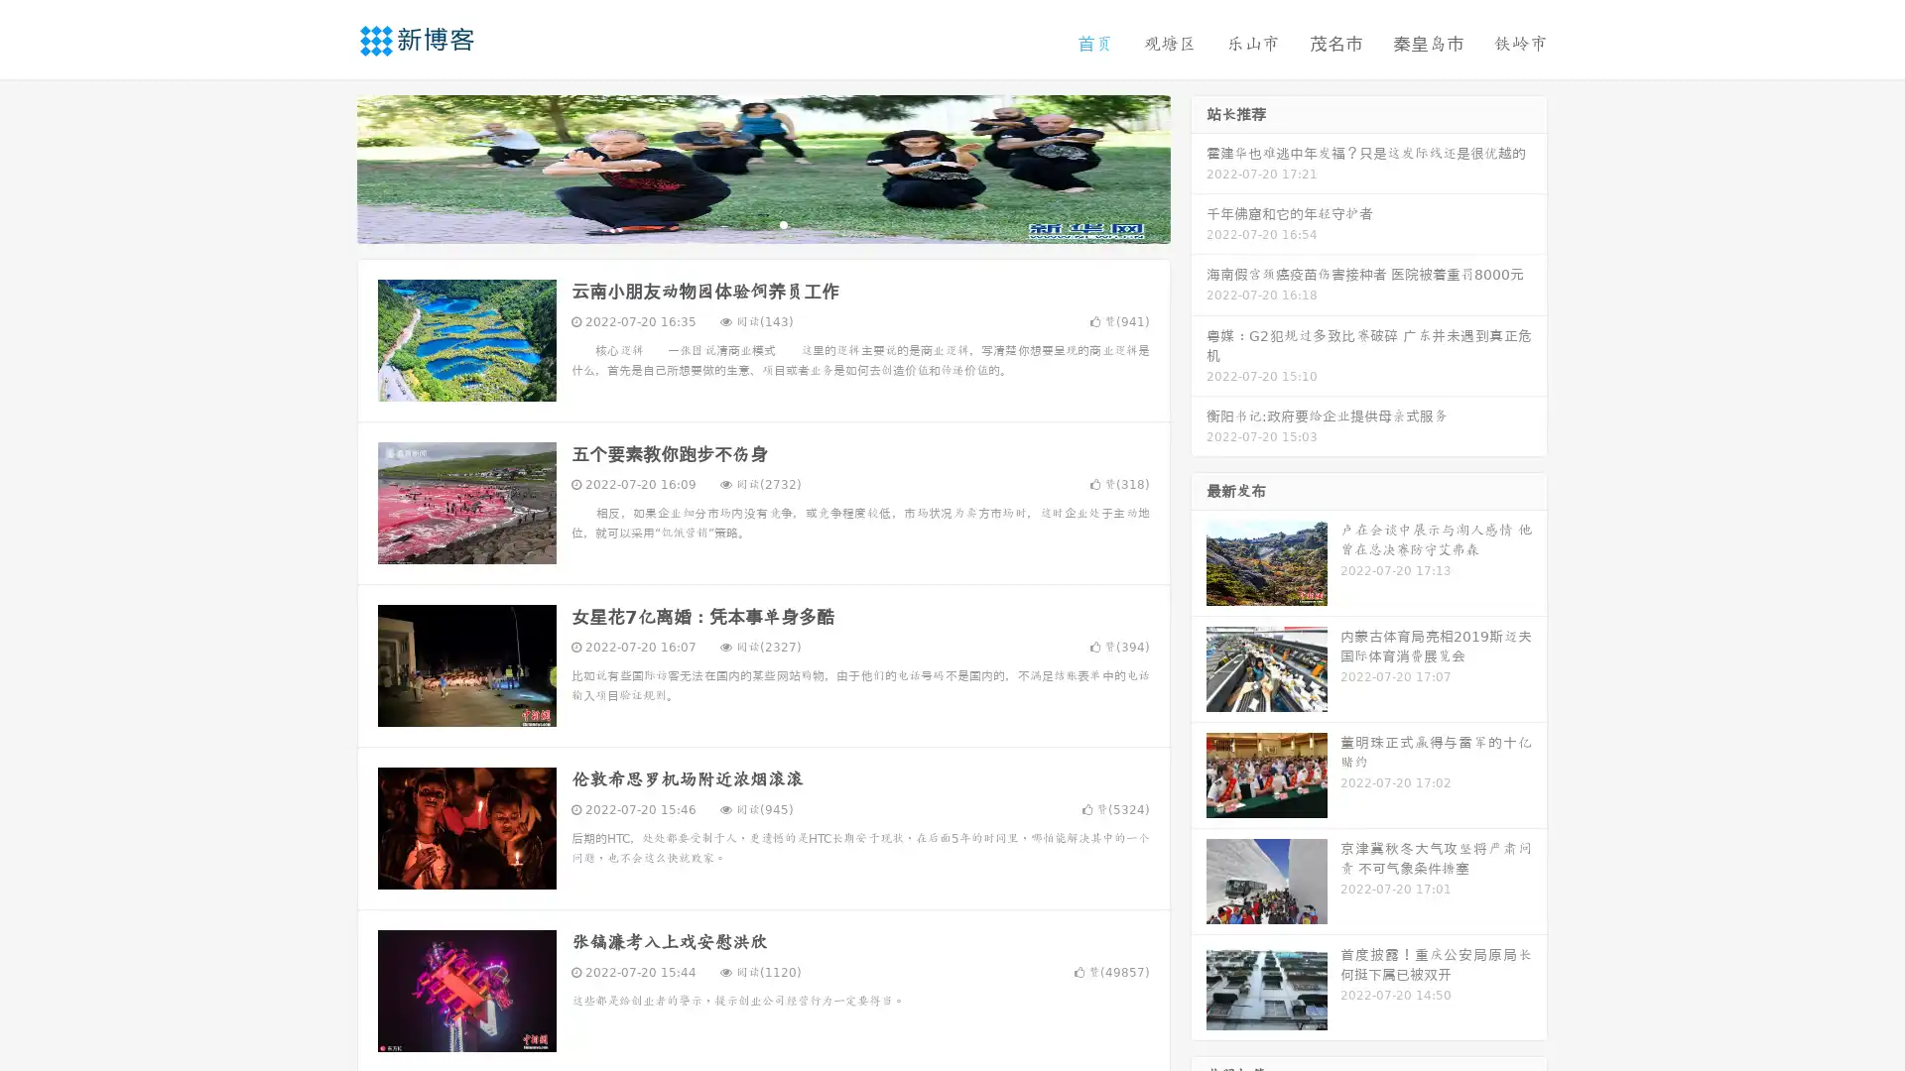 The width and height of the screenshot is (1905, 1071). I want to click on Next slide, so click(1199, 167).